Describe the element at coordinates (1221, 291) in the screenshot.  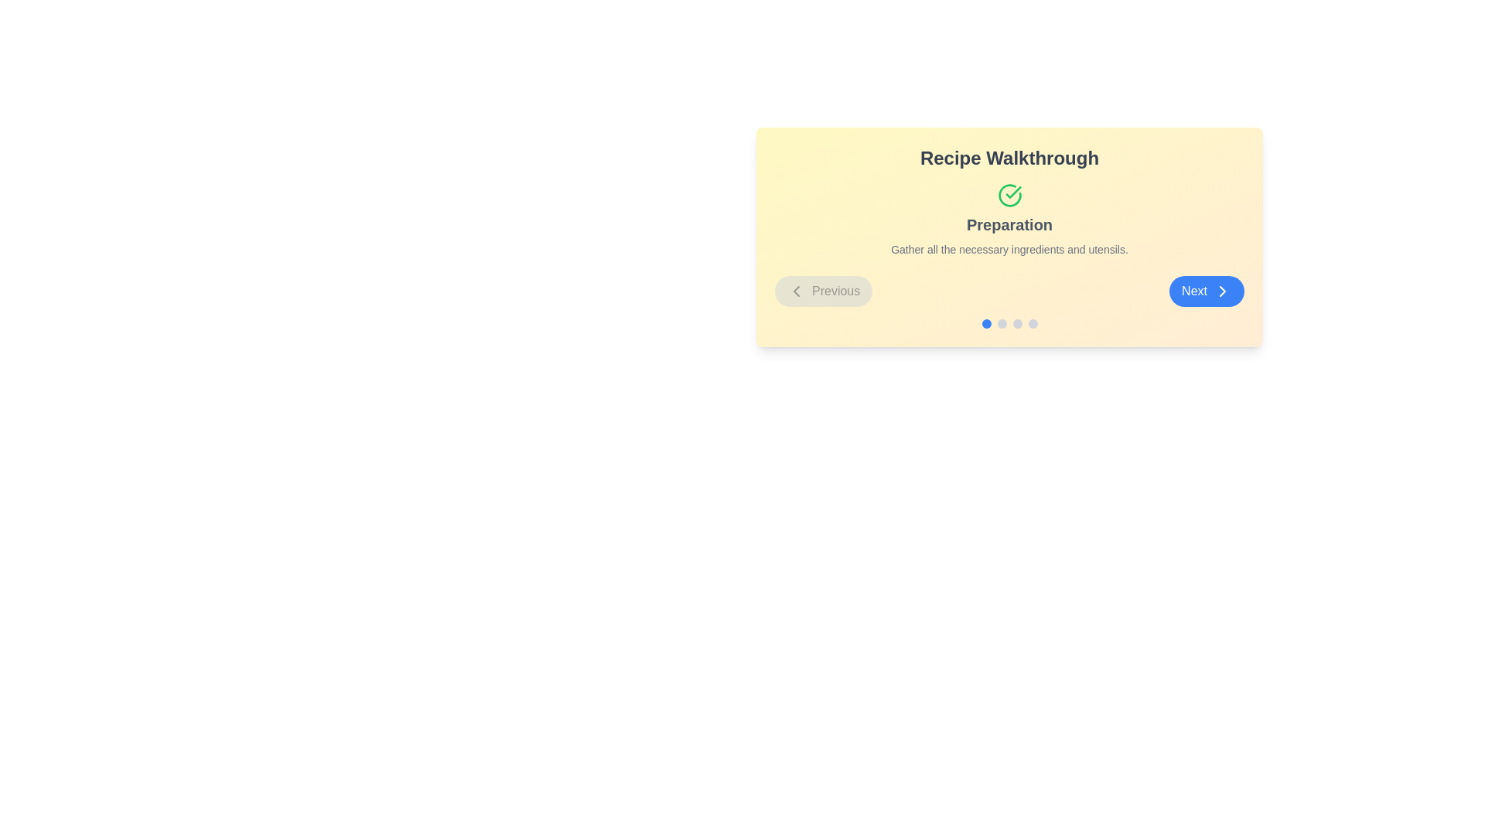
I see `the right-facing chevron arrow icon within the 'Next' button located in the bottom-right area of the card interface` at that location.